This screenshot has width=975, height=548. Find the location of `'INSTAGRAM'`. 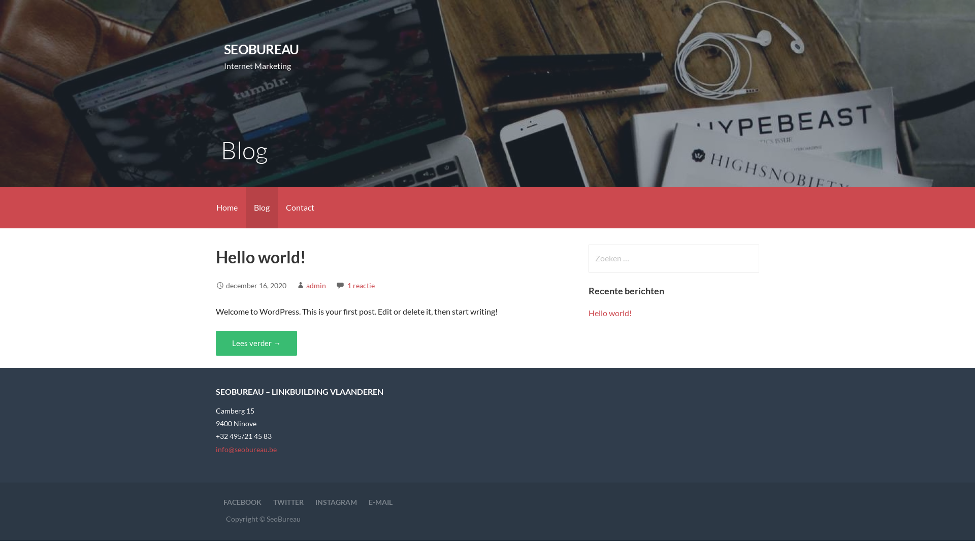

'INSTAGRAM' is located at coordinates (336, 501).